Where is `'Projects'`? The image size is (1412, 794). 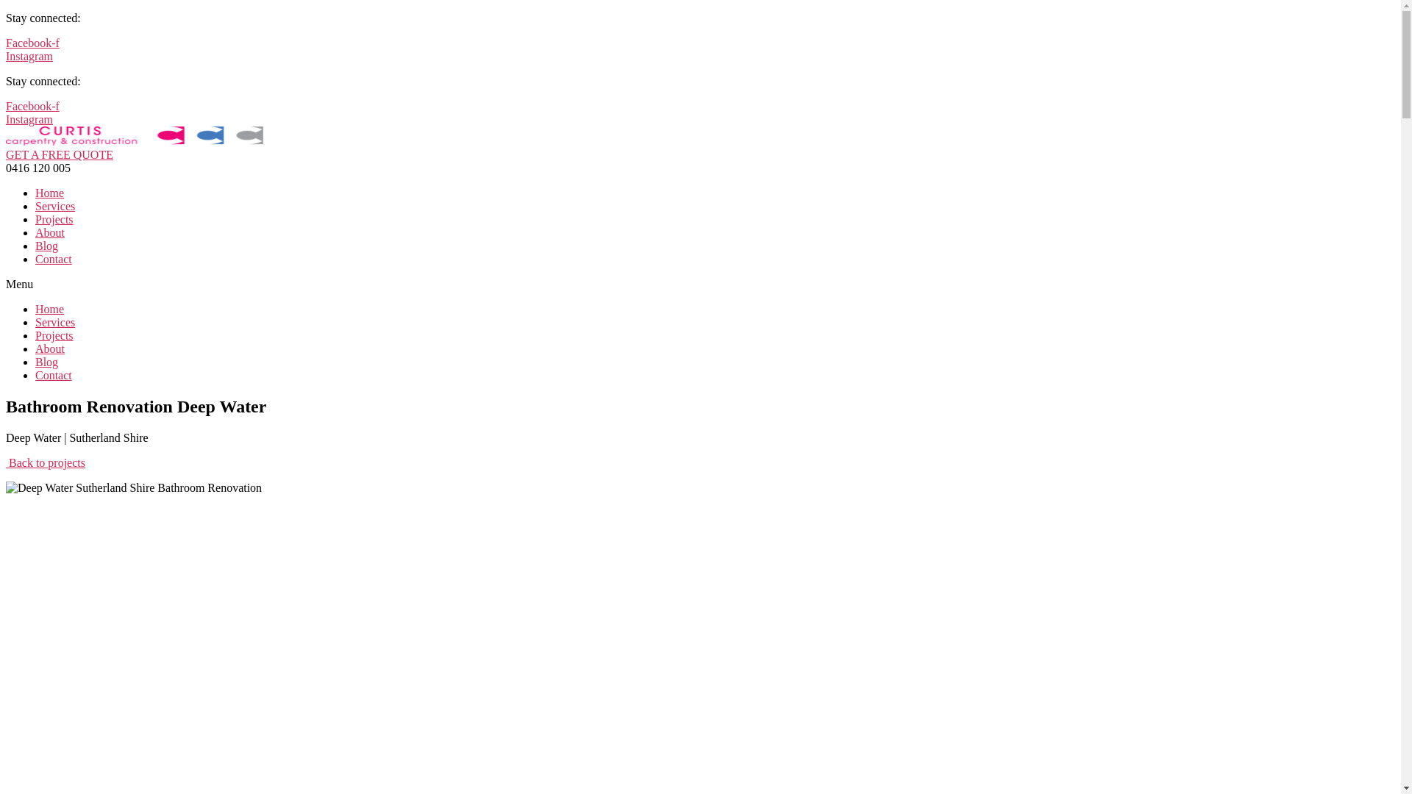
'Projects' is located at coordinates (54, 335).